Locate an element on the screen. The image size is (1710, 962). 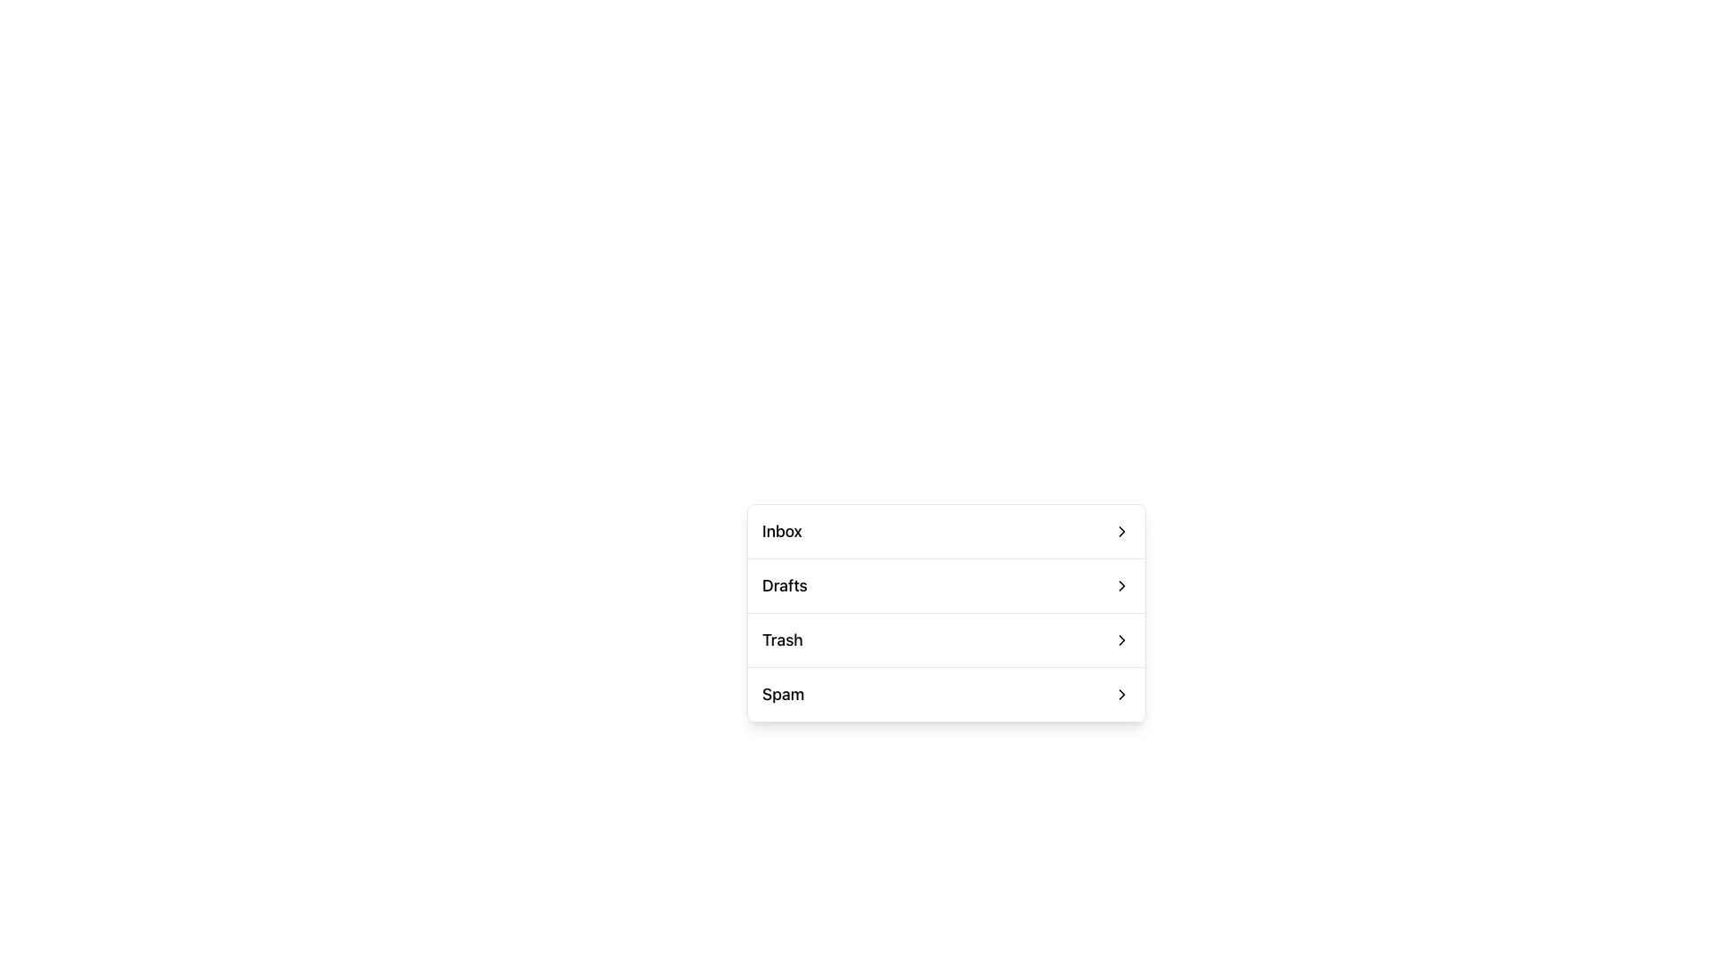
the 'Drafts' navigational list item is located at coordinates (945, 586).